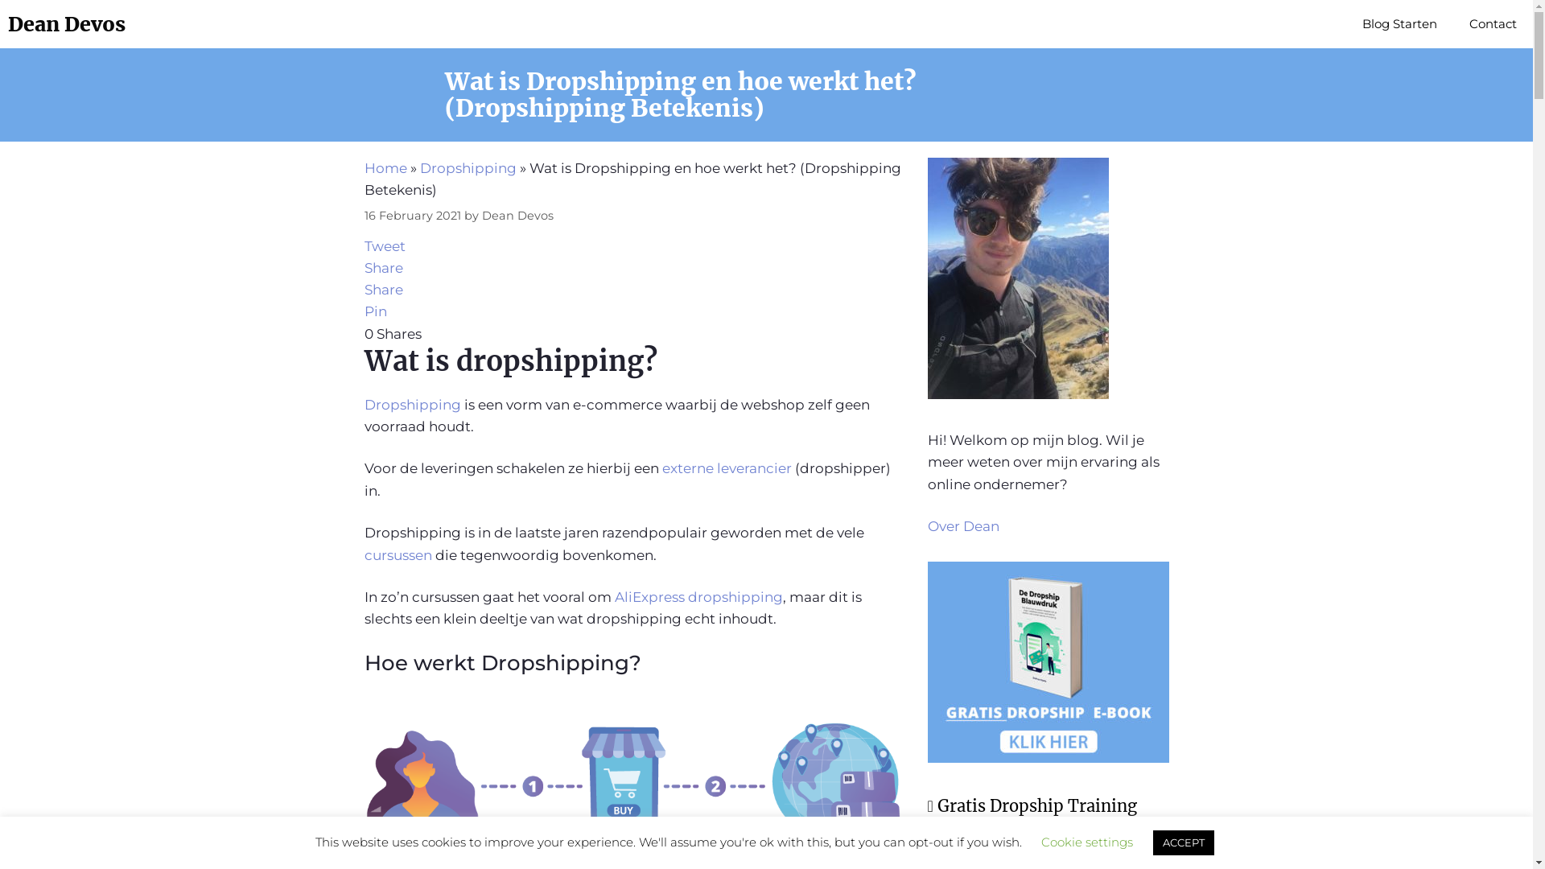  I want to click on 'cursussen', so click(398, 554).